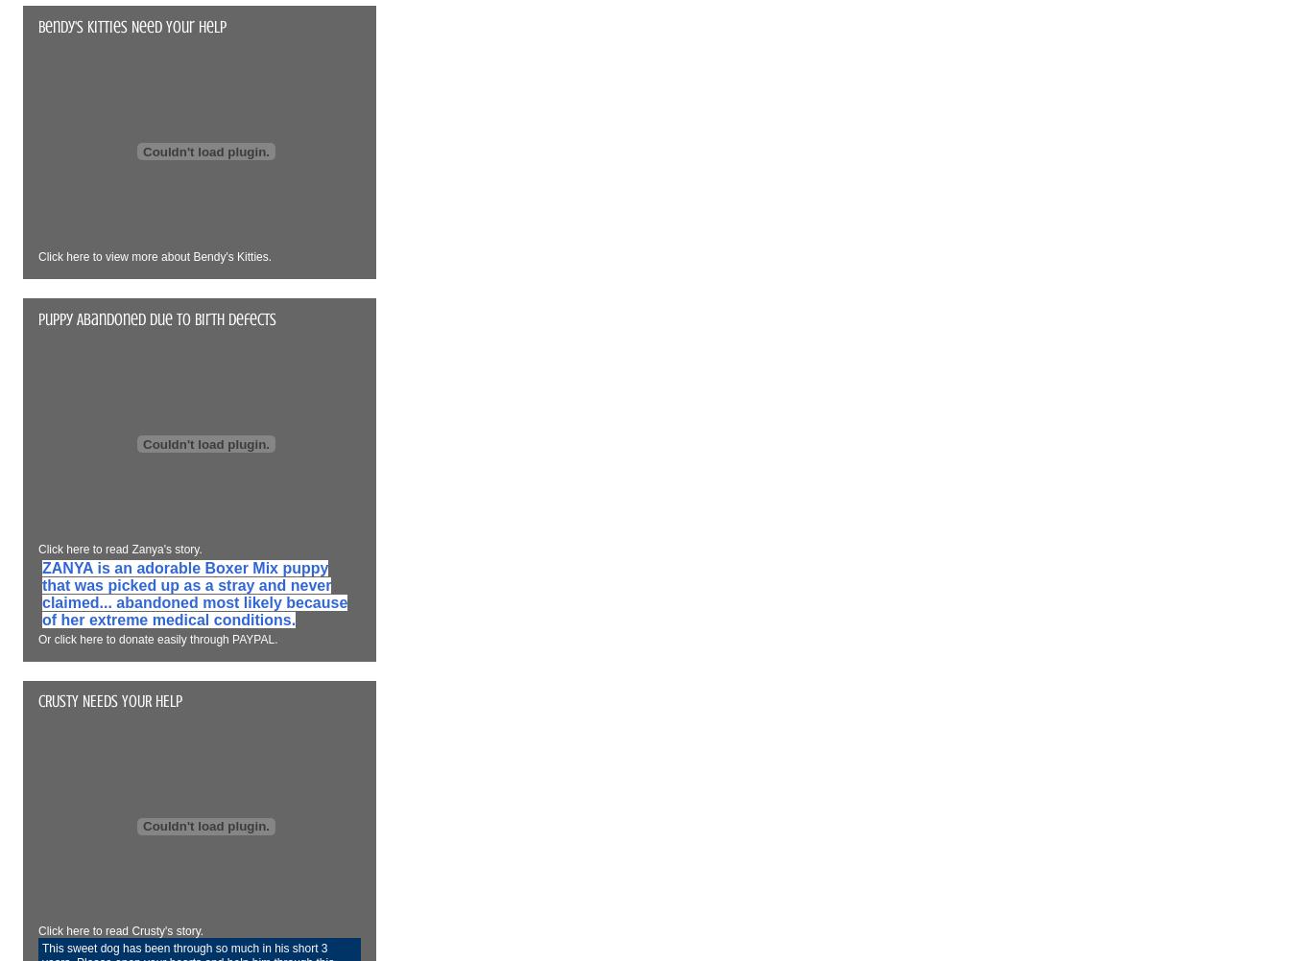 This screenshot has width=1313, height=961. What do you see at coordinates (157, 316) in the screenshot?
I see `'Puppy Abandoned Due to Birth Defects'` at bounding box center [157, 316].